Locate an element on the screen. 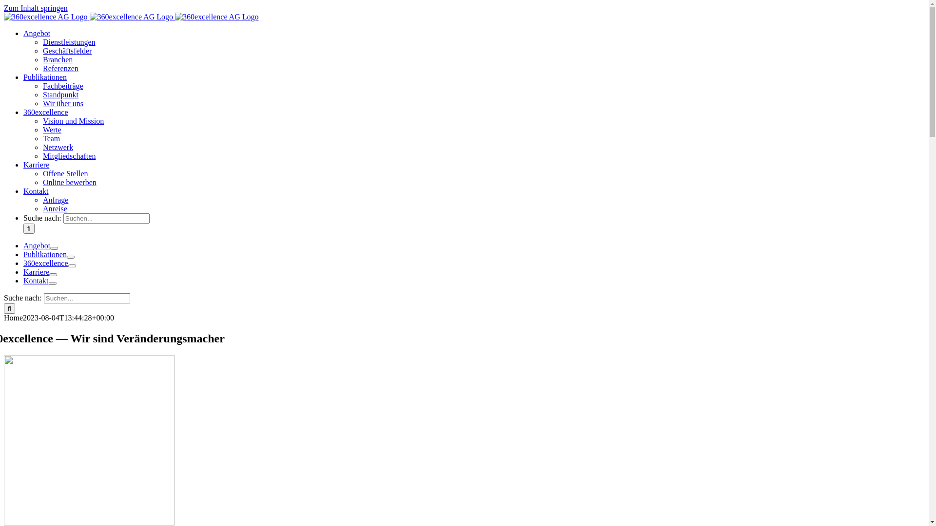  '360excellence' is located at coordinates (23, 112).